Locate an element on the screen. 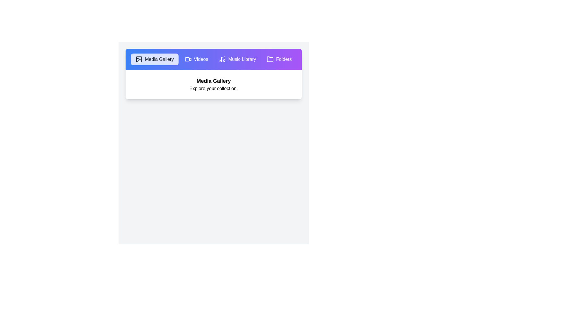  the Text Label that indicates its function for accessing or managing folders, located to the right of the folder icon in the navigation bar is located at coordinates (284, 59).